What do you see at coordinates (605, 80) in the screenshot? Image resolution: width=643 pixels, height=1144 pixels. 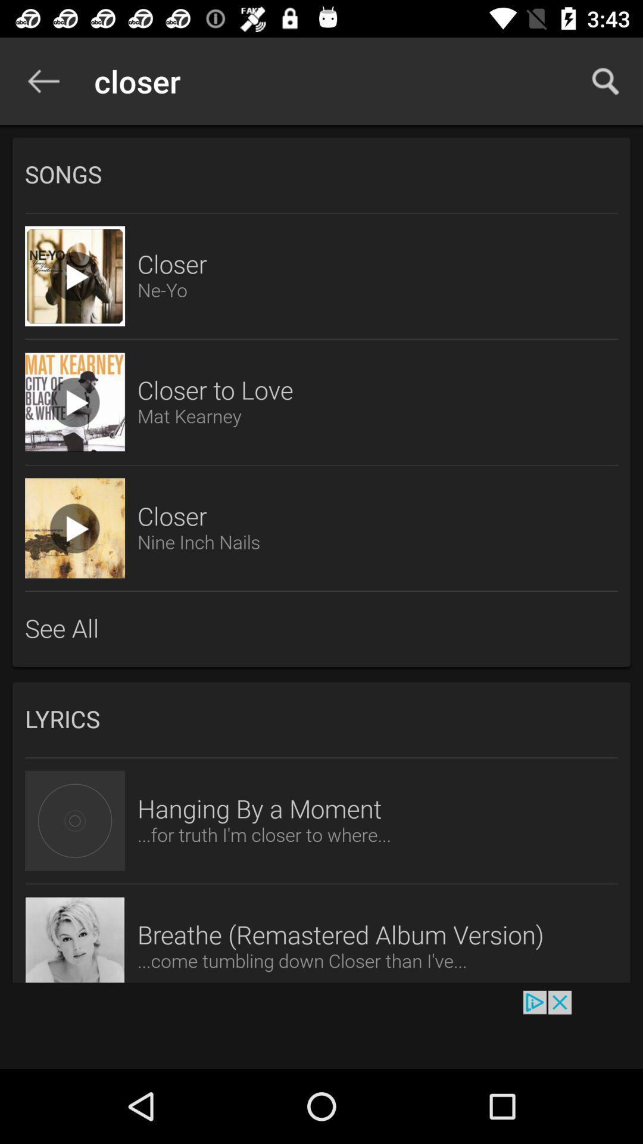 I see `icon at the top right corner` at bounding box center [605, 80].